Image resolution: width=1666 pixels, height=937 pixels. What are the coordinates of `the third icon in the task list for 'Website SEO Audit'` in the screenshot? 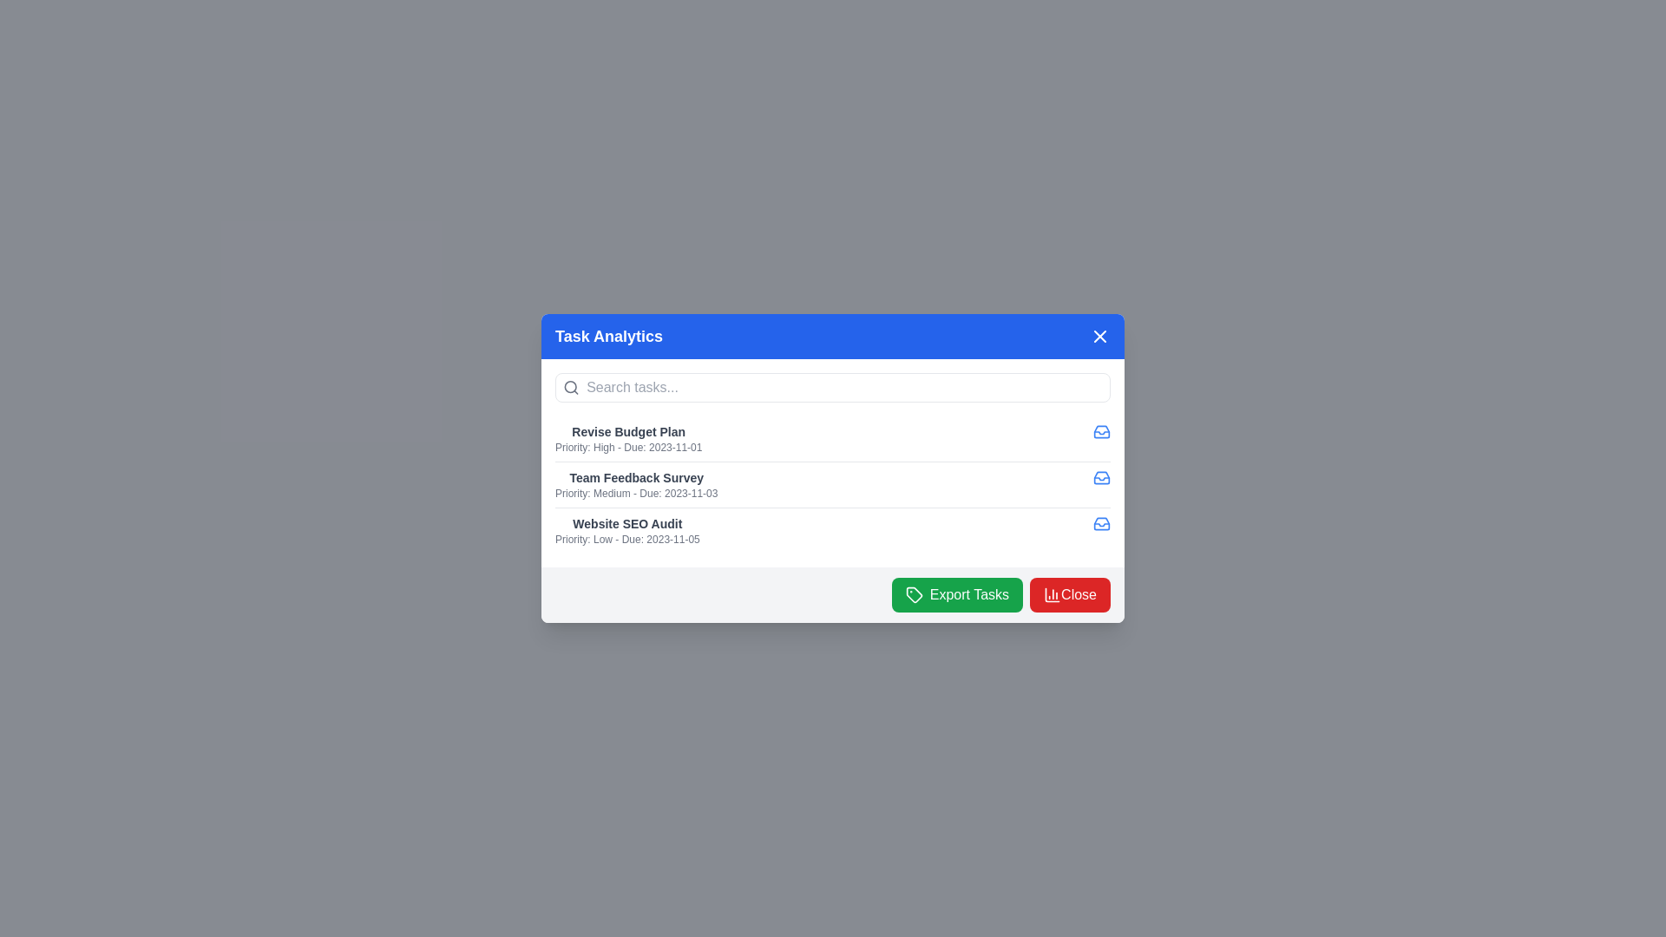 It's located at (1101, 523).